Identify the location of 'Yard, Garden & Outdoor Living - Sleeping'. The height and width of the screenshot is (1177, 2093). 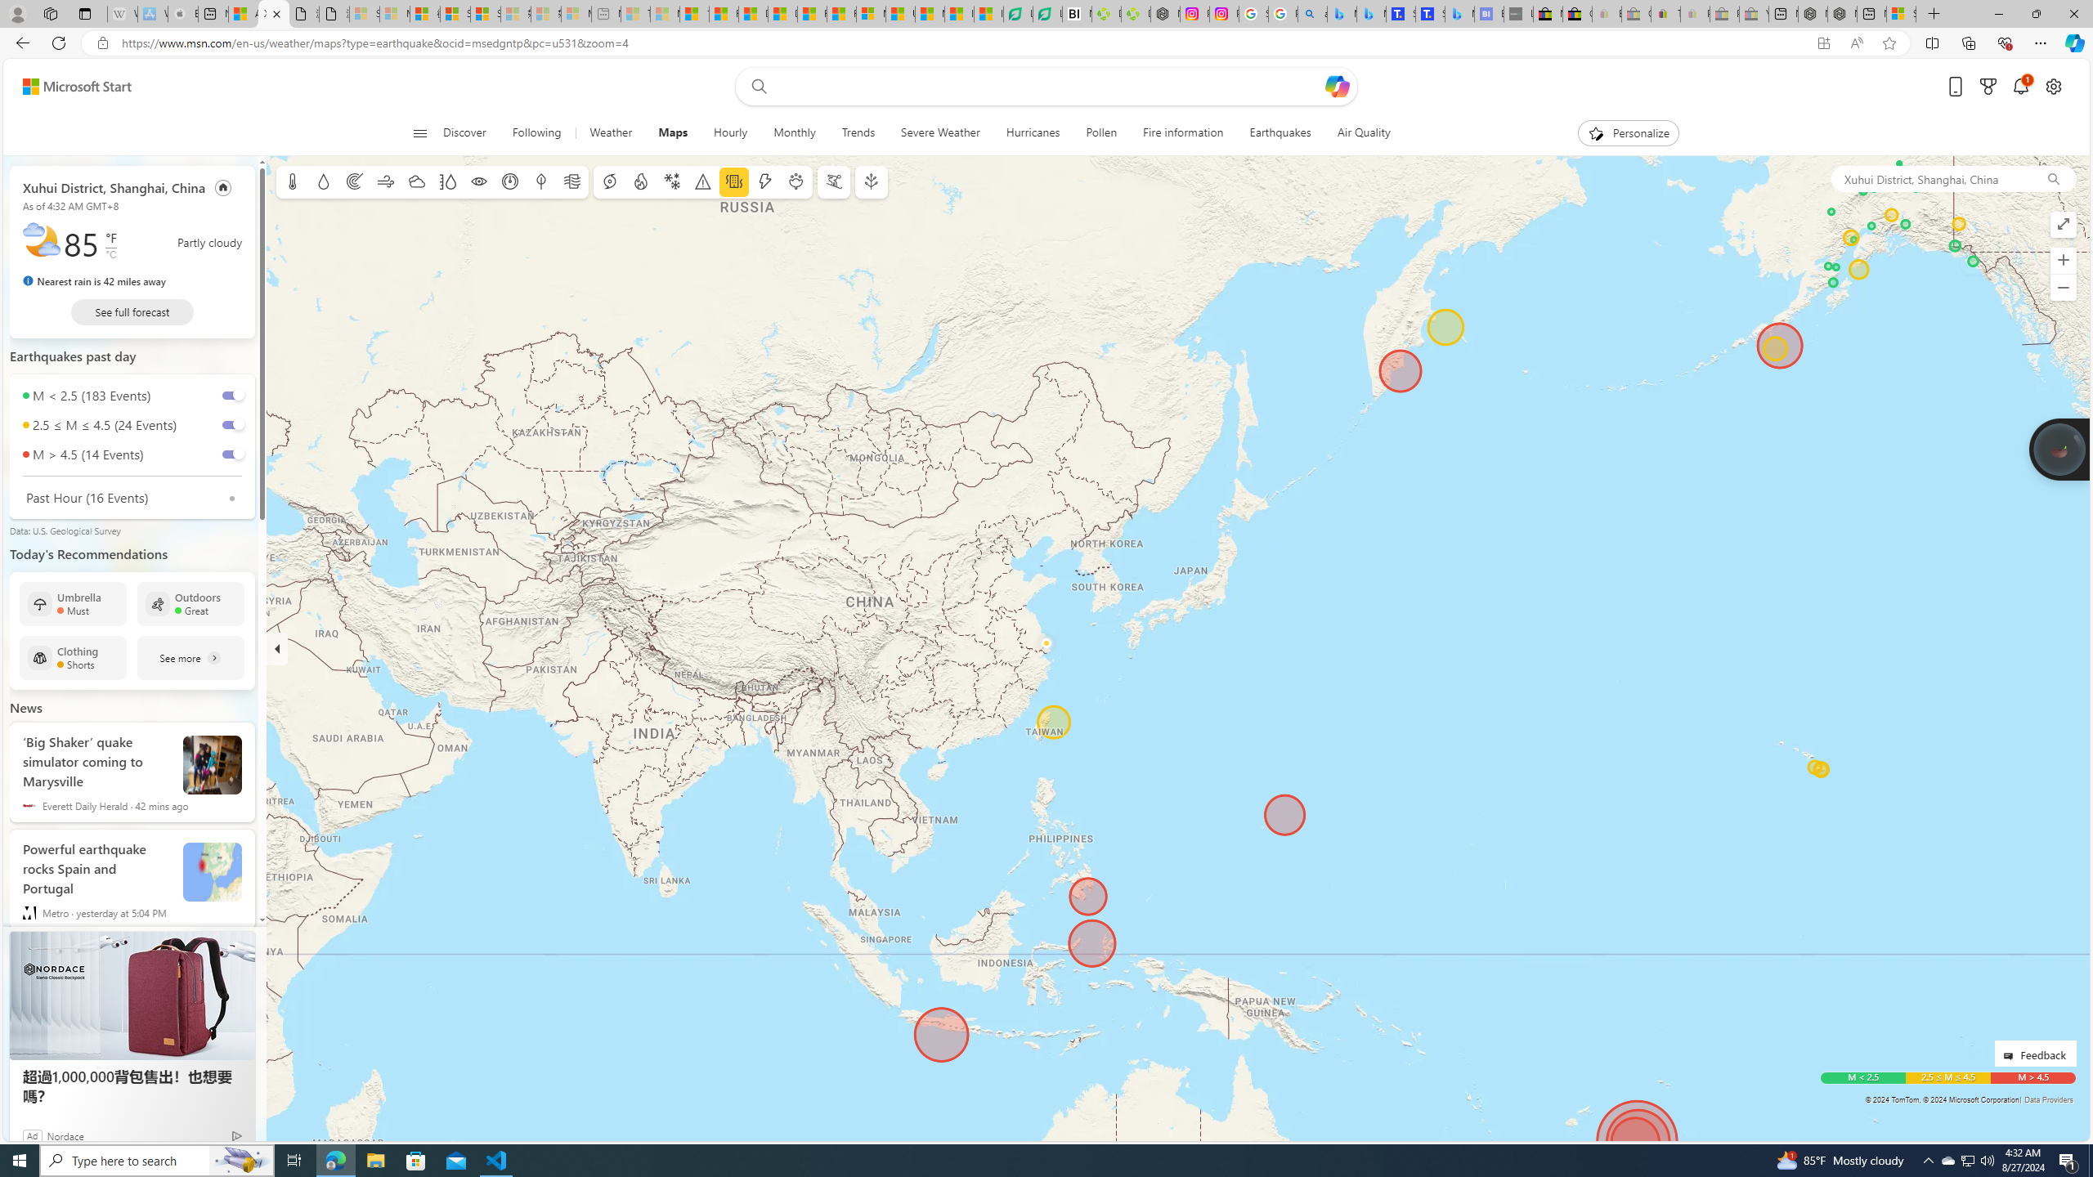
(1753, 13).